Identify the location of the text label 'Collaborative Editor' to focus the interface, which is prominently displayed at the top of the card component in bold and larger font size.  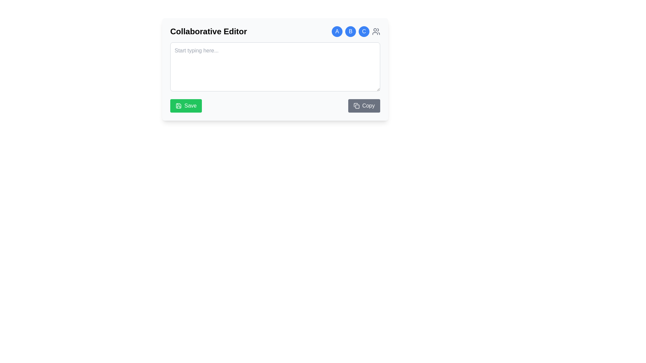
(208, 31).